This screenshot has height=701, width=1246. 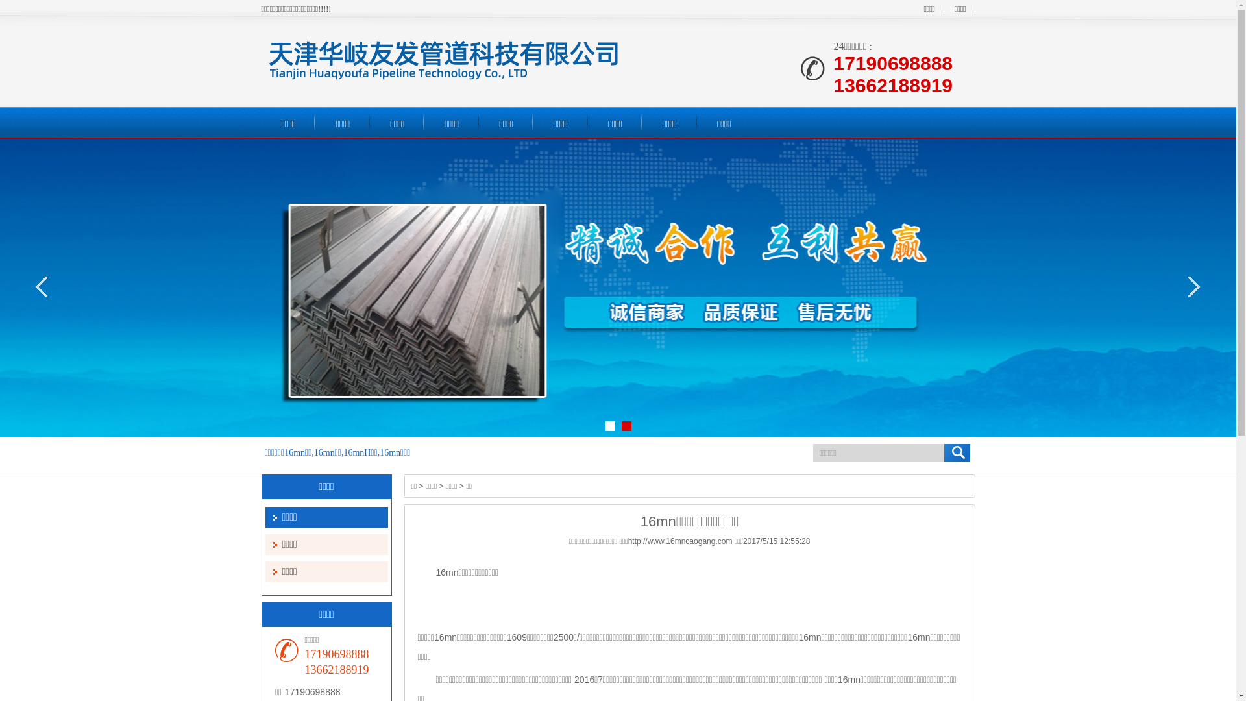 What do you see at coordinates (626, 426) in the screenshot?
I see `'2'` at bounding box center [626, 426].